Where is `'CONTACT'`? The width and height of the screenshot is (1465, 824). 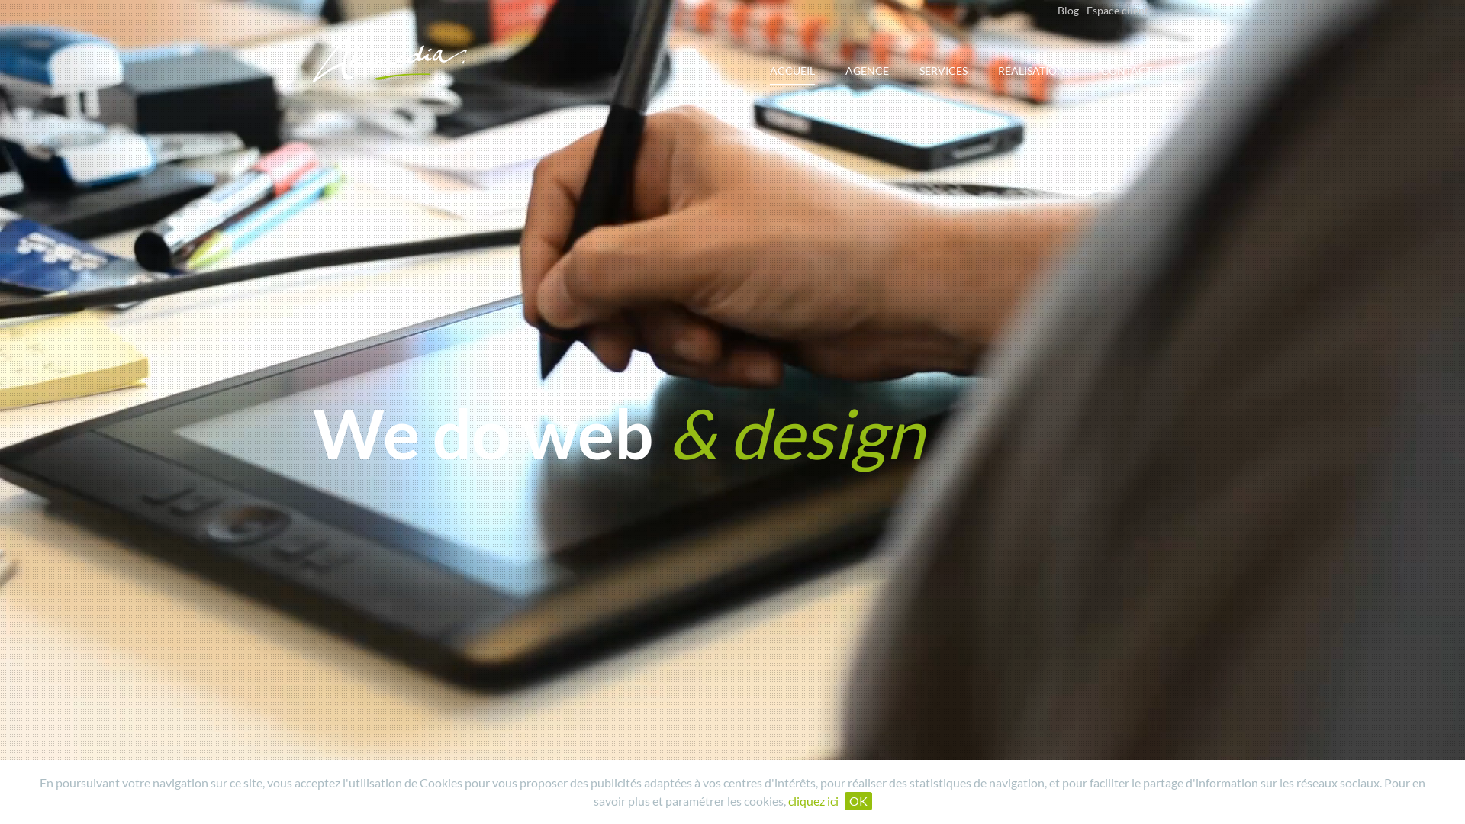
'CONTACT' is located at coordinates (1126, 79).